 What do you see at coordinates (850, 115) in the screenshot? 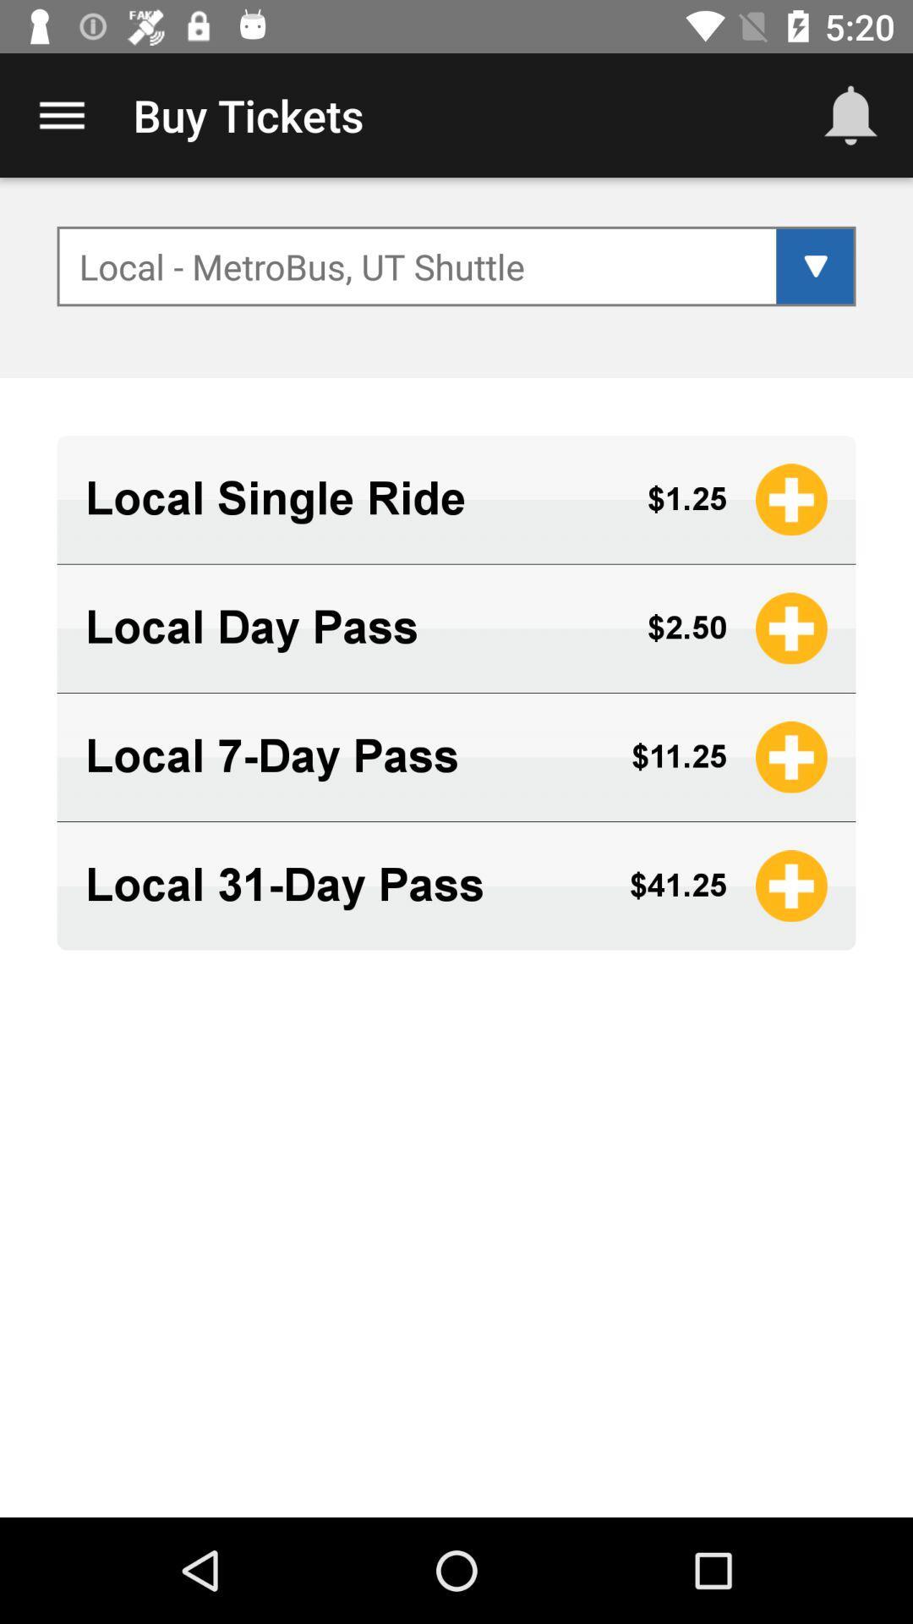
I see `the bell icon at top right corner` at bounding box center [850, 115].